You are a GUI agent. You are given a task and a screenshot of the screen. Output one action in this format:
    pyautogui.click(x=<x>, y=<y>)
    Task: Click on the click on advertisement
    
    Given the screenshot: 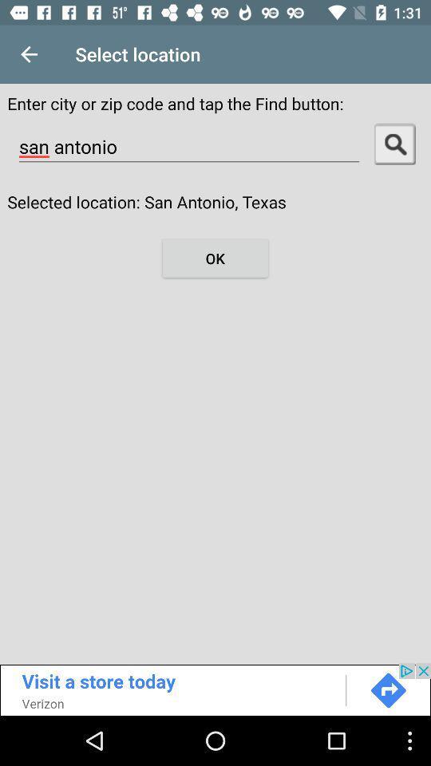 What is the action you would take?
    pyautogui.click(x=215, y=689)
    